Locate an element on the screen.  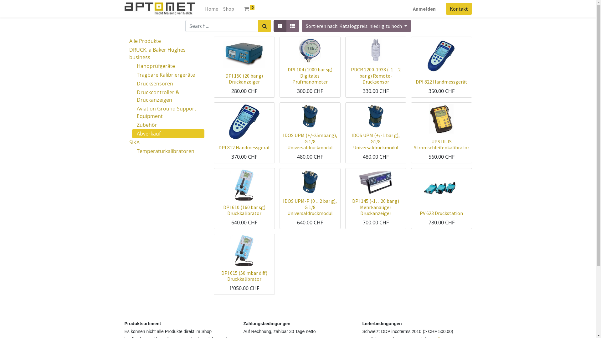
'Sortieren nach: Katalogpreis: niedrig zu hoch' is located at coordinates (356, 26).